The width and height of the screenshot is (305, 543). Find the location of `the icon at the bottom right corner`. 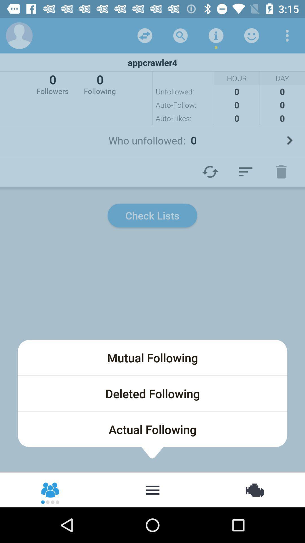

the icon at the bottom right corner is located at coordinates (254, 489).